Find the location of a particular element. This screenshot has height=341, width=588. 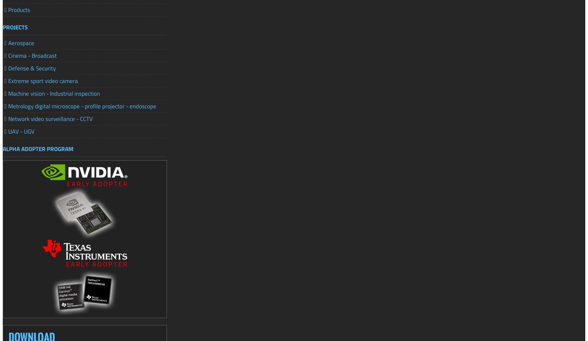

'ALPHA ADOPTER PROGRAM' is located at coordinates (38, 149).